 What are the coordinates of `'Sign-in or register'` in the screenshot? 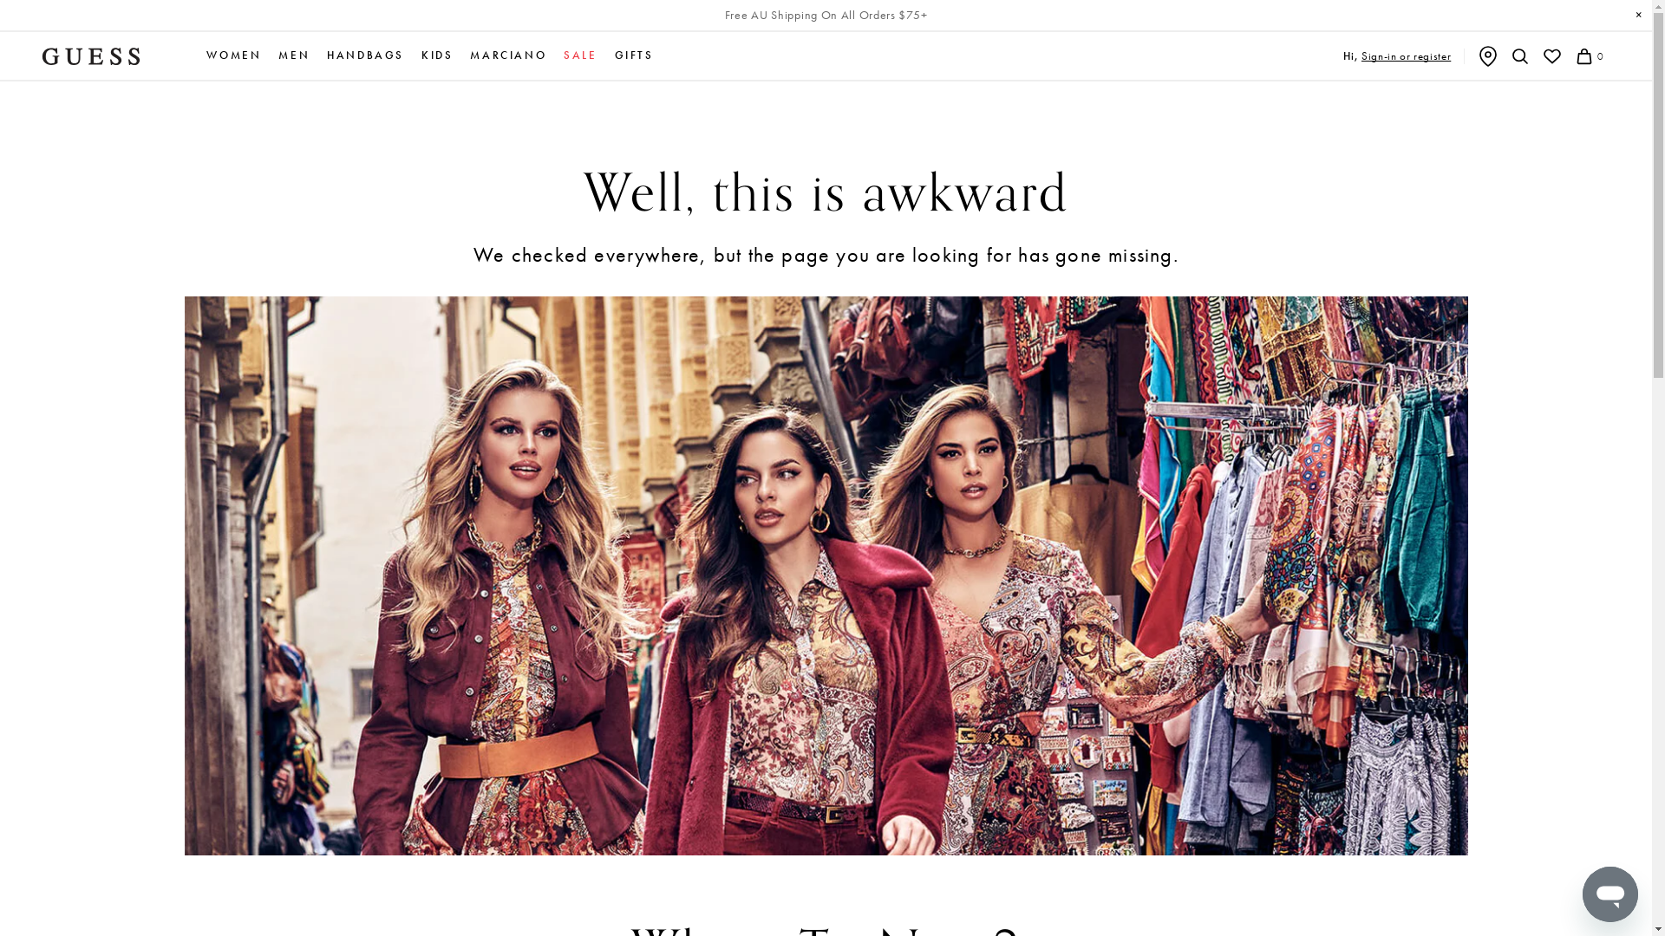 It's located at (1406, 55).